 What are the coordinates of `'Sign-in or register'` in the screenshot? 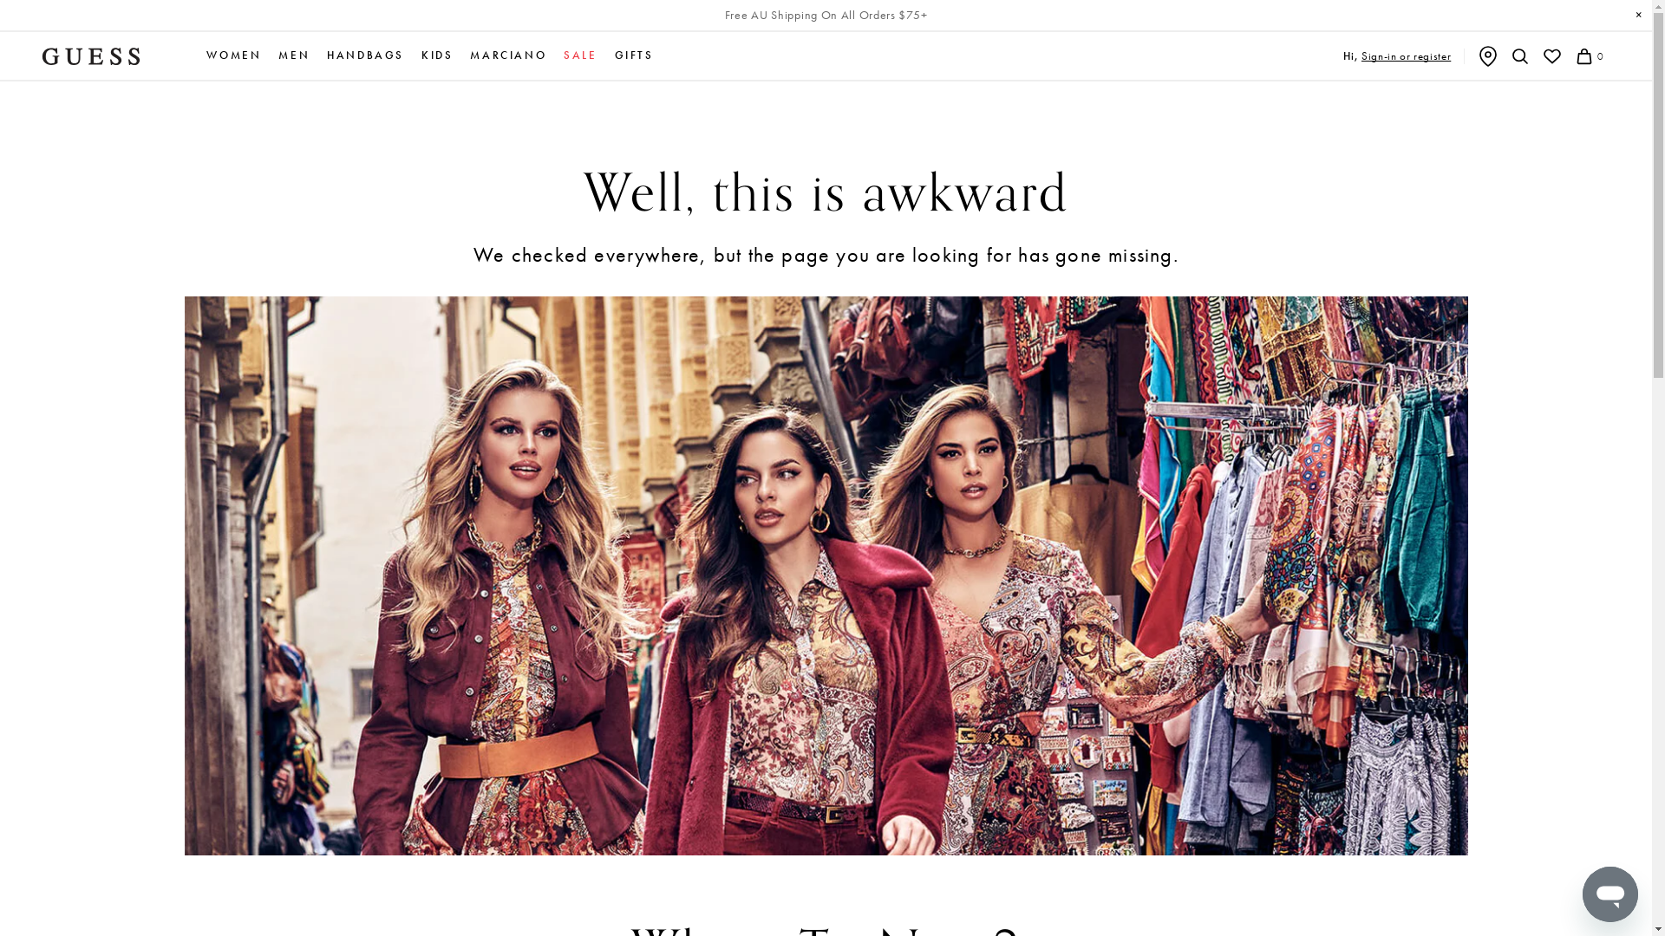 It's located at (1406, 55).